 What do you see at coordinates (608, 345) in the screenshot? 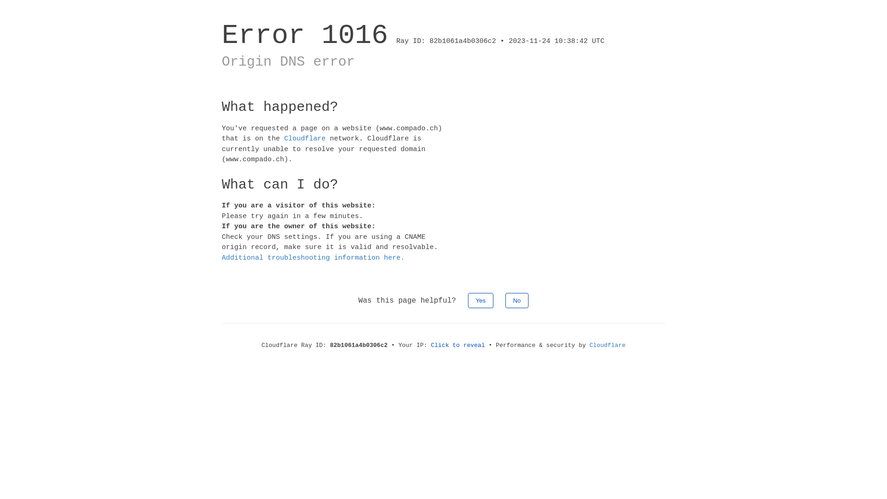
I see `'Cloudflare'` at bounding box center [608, 345].